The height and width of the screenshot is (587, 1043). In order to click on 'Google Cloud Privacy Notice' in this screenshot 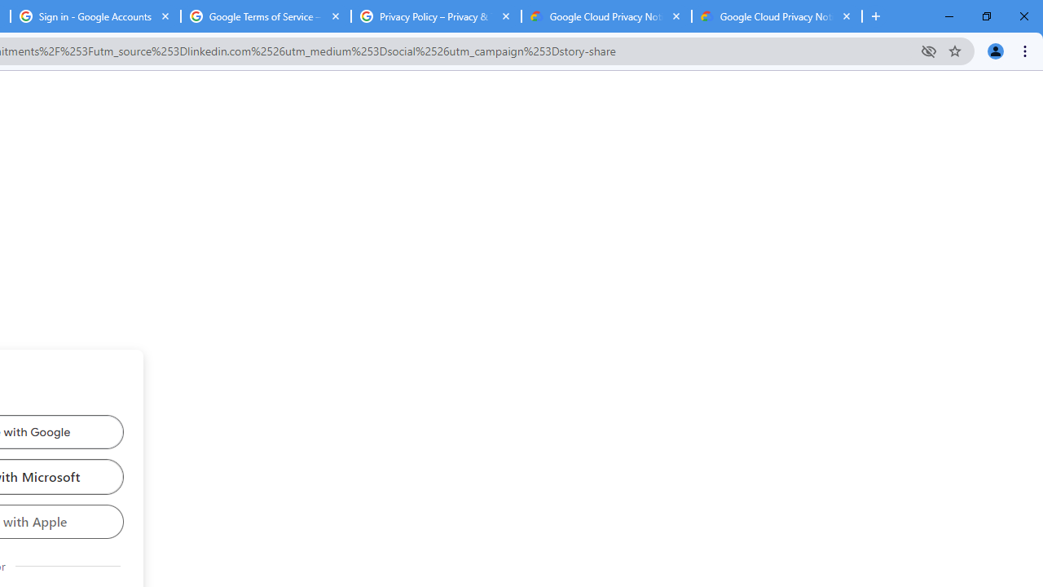, I will do `click(605, 16)`.